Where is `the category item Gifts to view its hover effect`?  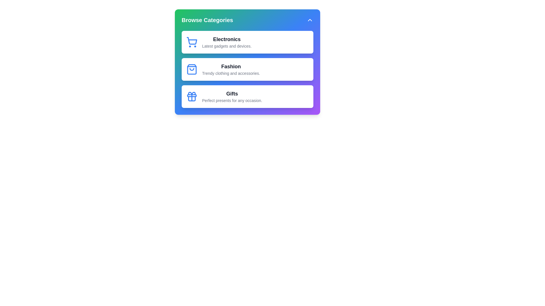 the category item Gifts to view its hover effect is located at coordinates (248, 96).